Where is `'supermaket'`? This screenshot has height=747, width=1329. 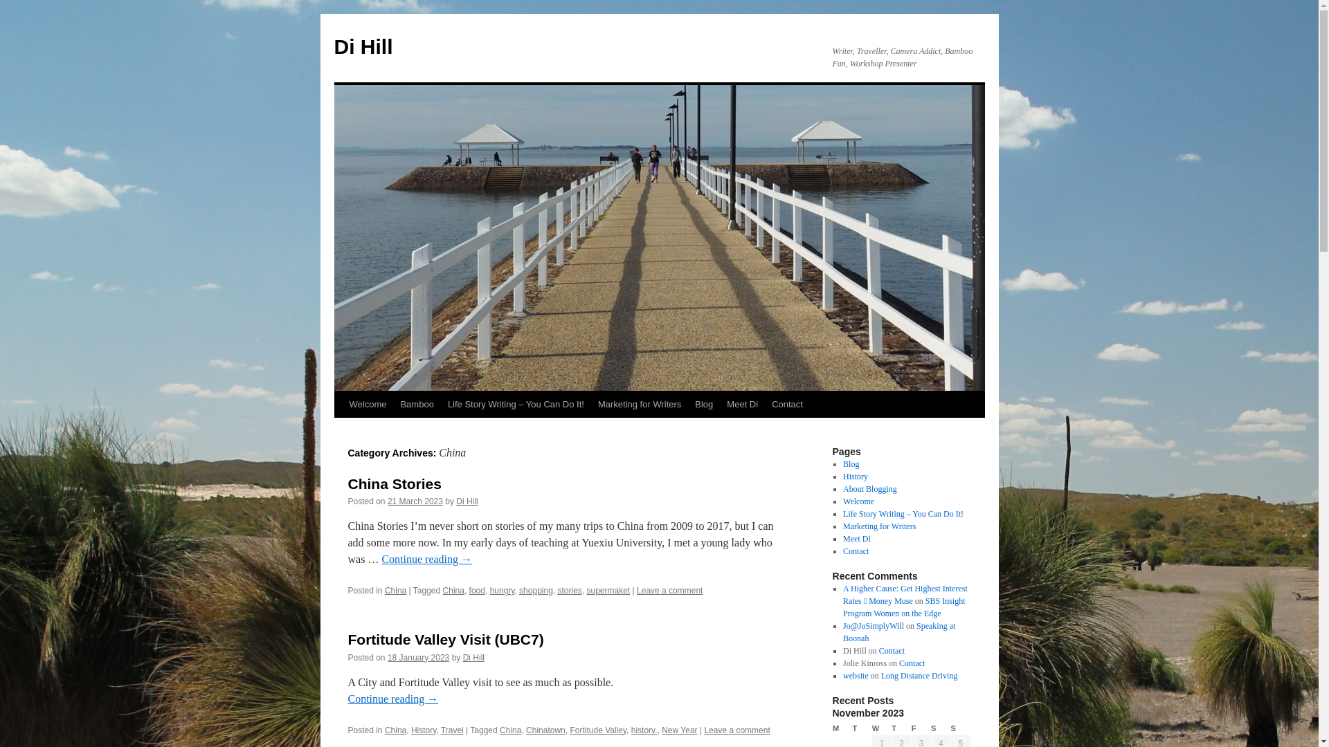 'supermaket' is located at coordinates (608, 590).